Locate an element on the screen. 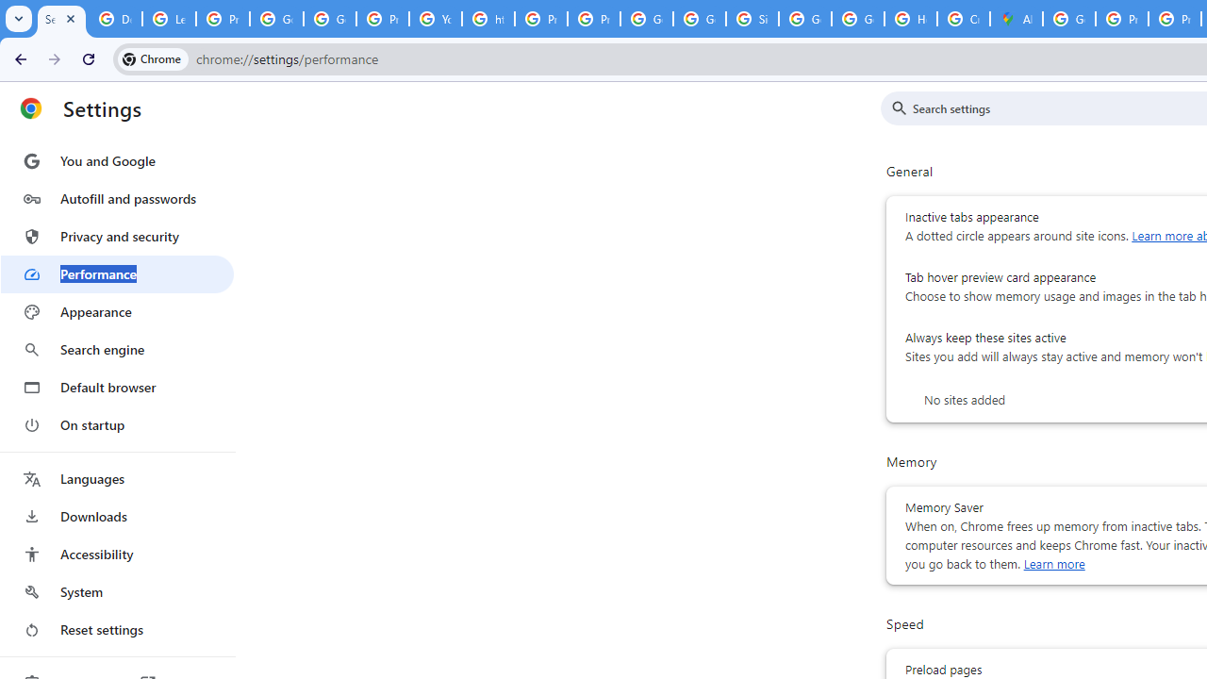 The height and width of the screenshot is (679, 1207). 'Privacy Help Center - Policies Help' is located at coordinates (540, 19).